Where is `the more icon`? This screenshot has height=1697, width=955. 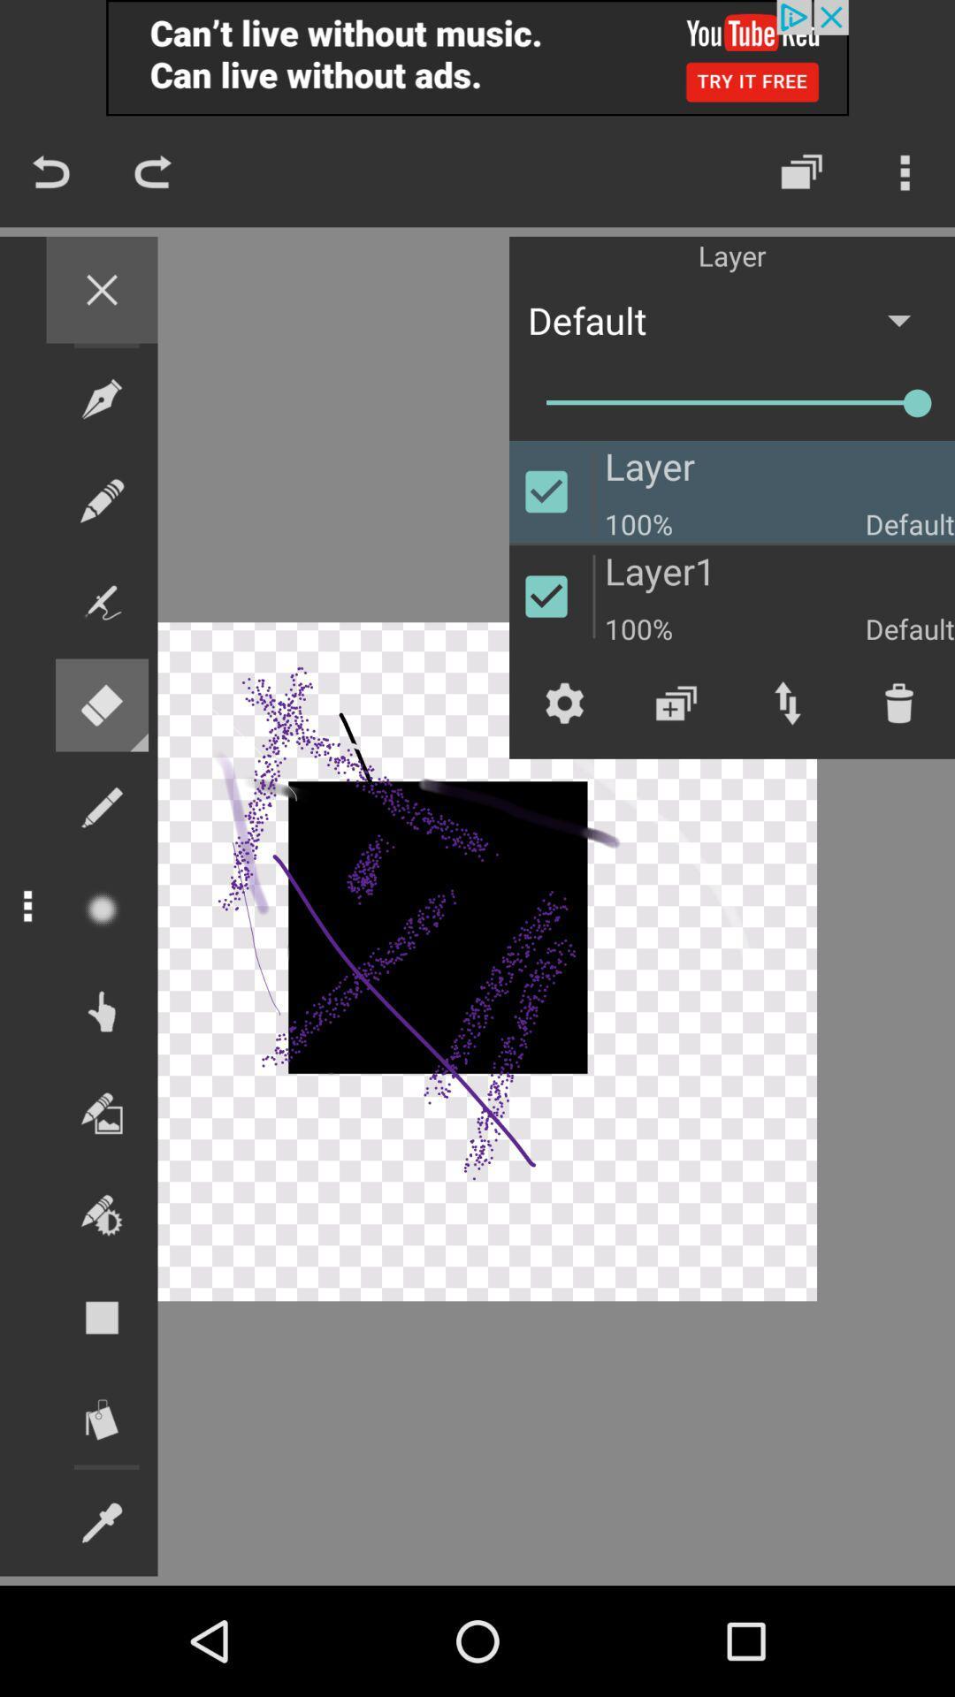
the more icon is located at coordinates (27, 906).